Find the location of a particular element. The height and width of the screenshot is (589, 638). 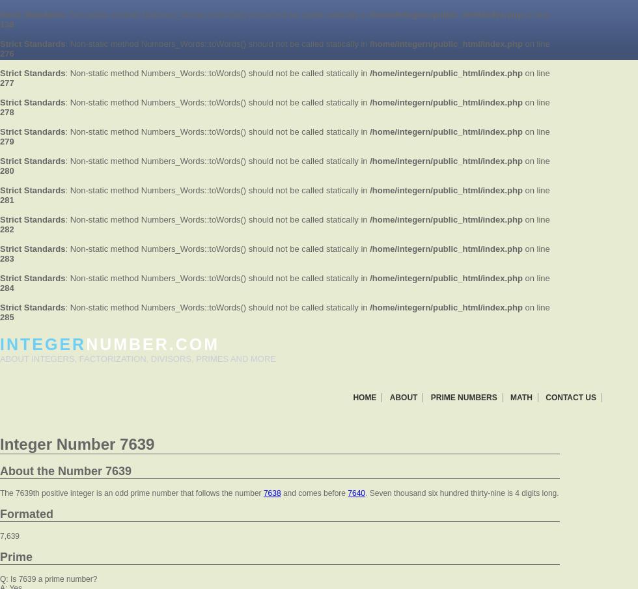

'276' is located at coordinates (7, 53).